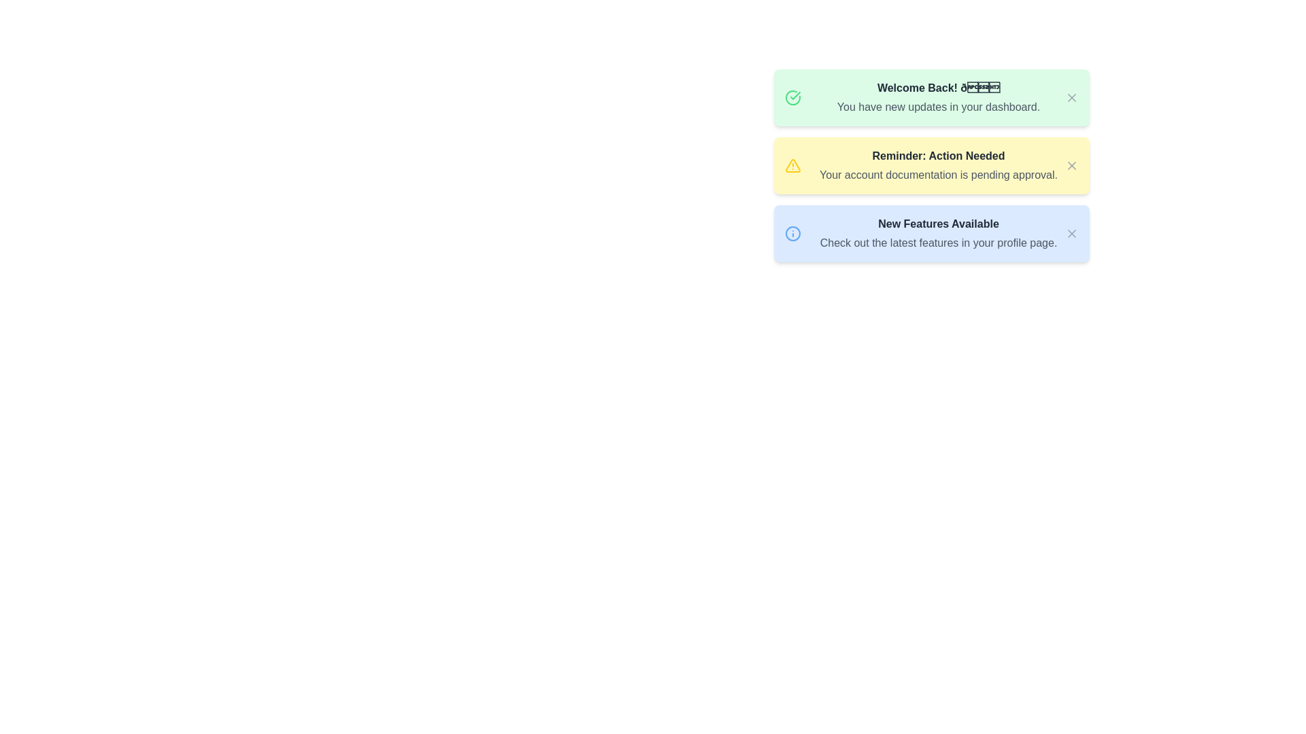 This screenshot has width=1306, height=734. Describe the element at coordinates (938, 156) in the screenshot. I see `the text block displaying 'Reminder: Action Needed' in bold styling with a dark gray font on a light yellow background, which is located centrally in the notification layout` at that location.